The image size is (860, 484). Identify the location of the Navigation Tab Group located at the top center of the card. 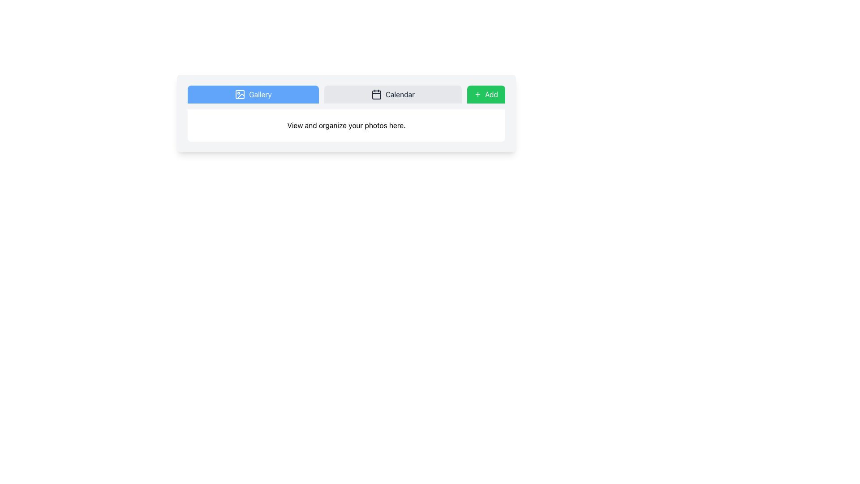
(346, 97).